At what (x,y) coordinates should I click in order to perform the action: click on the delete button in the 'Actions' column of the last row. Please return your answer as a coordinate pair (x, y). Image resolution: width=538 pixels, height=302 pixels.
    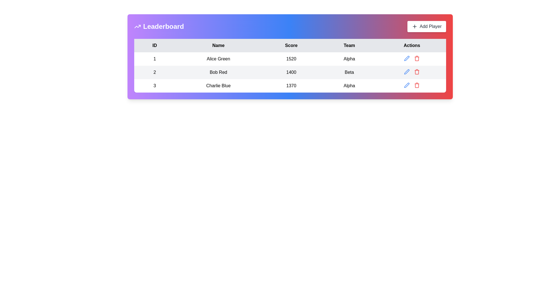
    Looking at the image, I should click on (417, 85).